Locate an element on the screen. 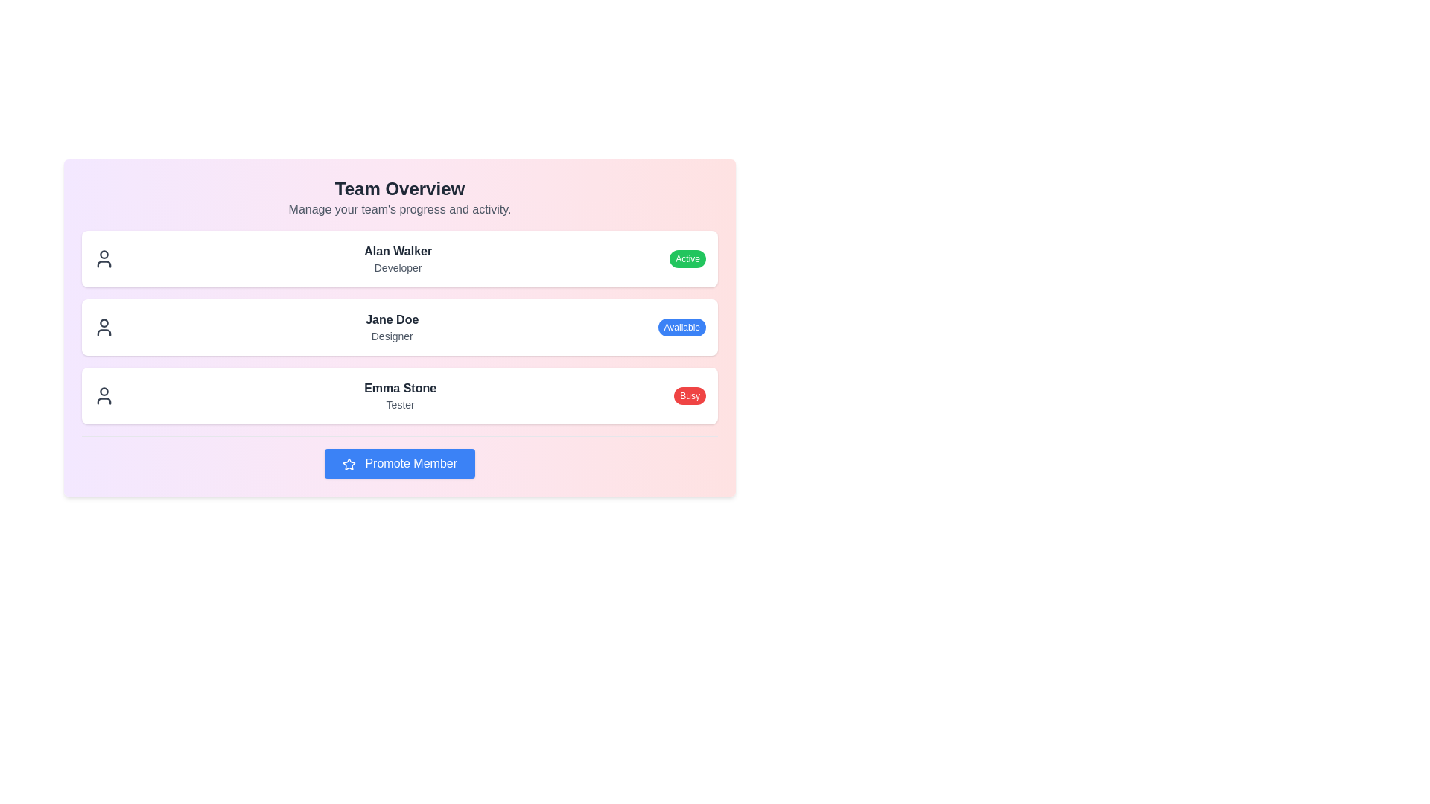  text of the rounded blue button labeled 'Available' located at the far right end of the second entry in a vertically stacked list, to the right of the text 'Designer' is located at coordinates (681, 326).